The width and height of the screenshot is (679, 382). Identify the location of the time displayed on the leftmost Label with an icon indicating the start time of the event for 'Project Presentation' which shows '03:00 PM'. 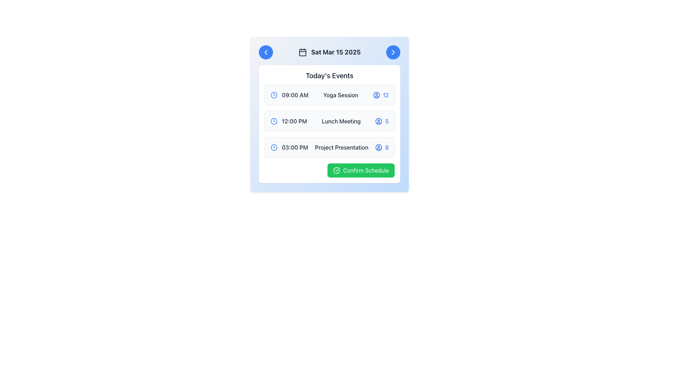
(289, 147).